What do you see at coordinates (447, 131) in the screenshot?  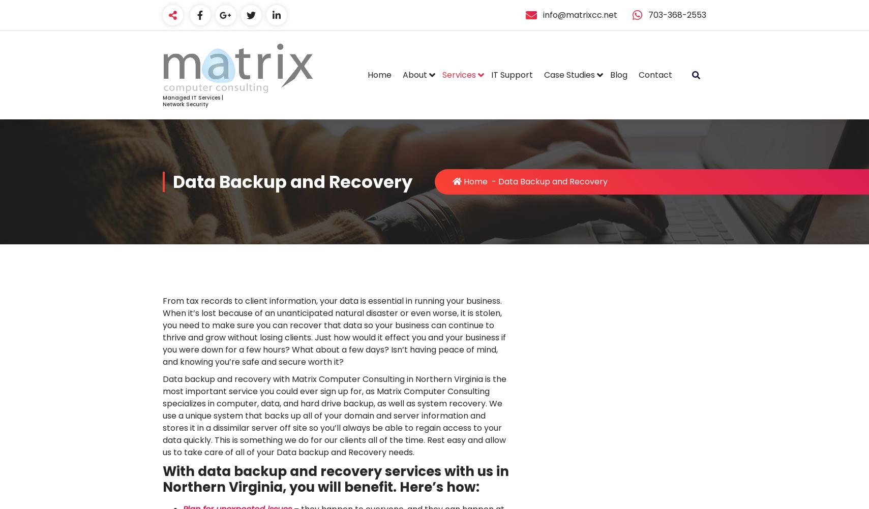 I see `'Meet the Matrix Team!'` at bounding box center [447, 131].